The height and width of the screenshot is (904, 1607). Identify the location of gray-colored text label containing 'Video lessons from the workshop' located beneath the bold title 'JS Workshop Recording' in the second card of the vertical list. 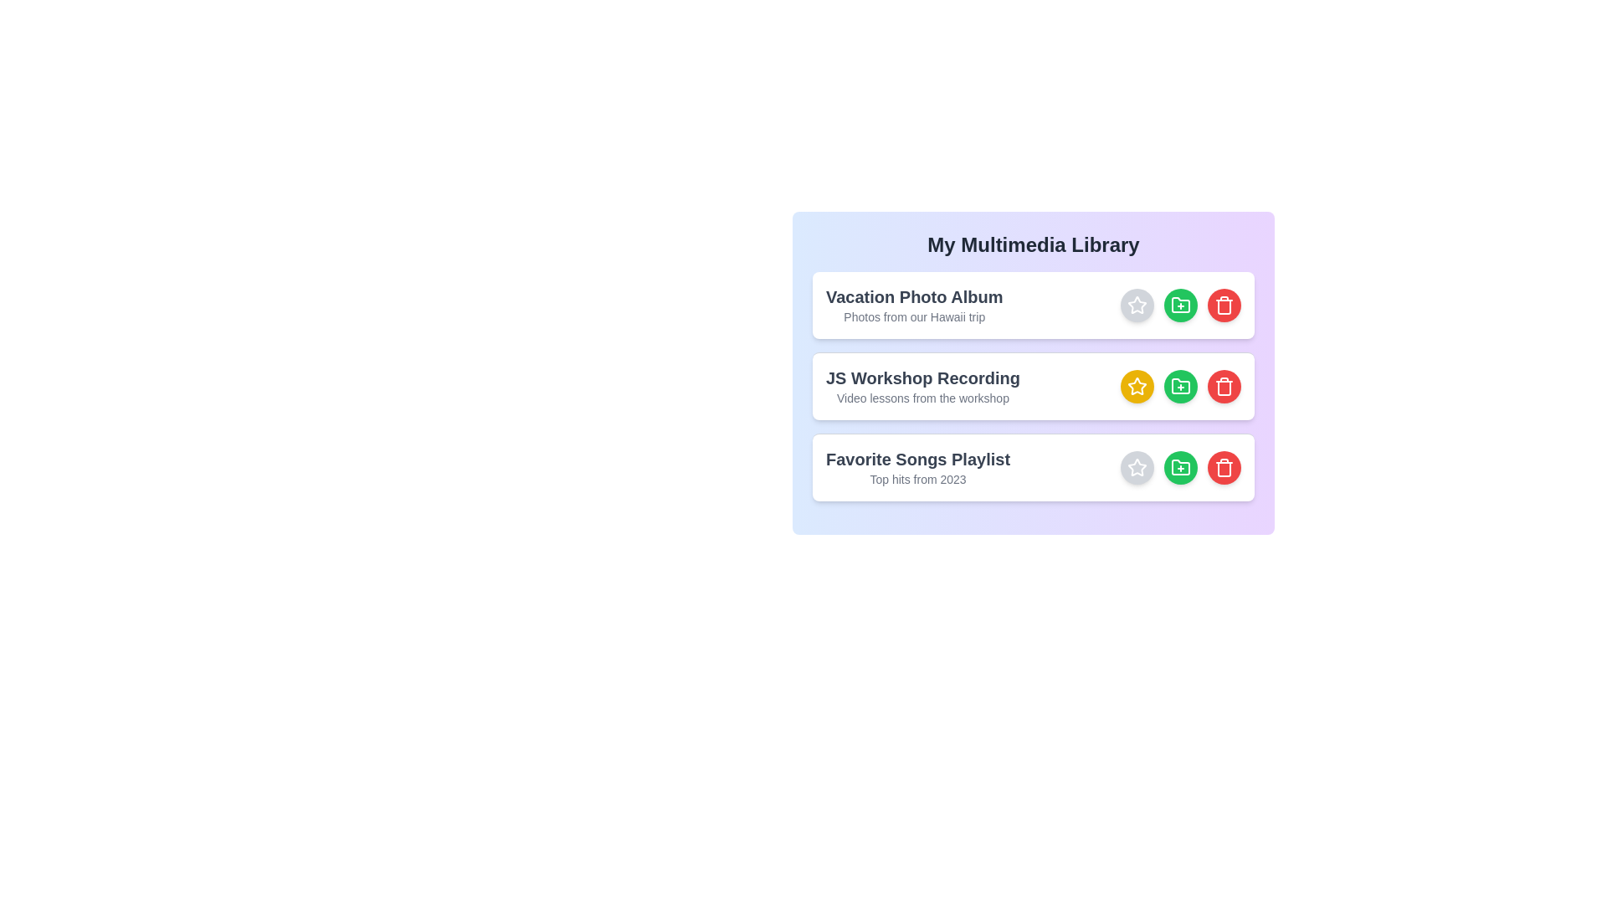
(922, 398).